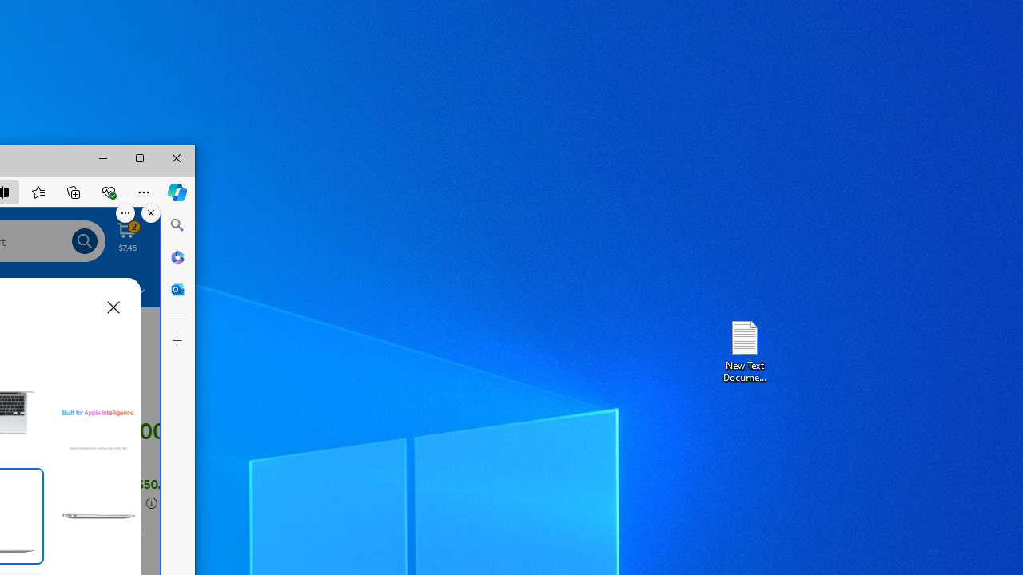  What do you see at coordinates (743, 350) in the screenshot?
I see `'New Text Document (2)'` at bounding box center [743, 350].